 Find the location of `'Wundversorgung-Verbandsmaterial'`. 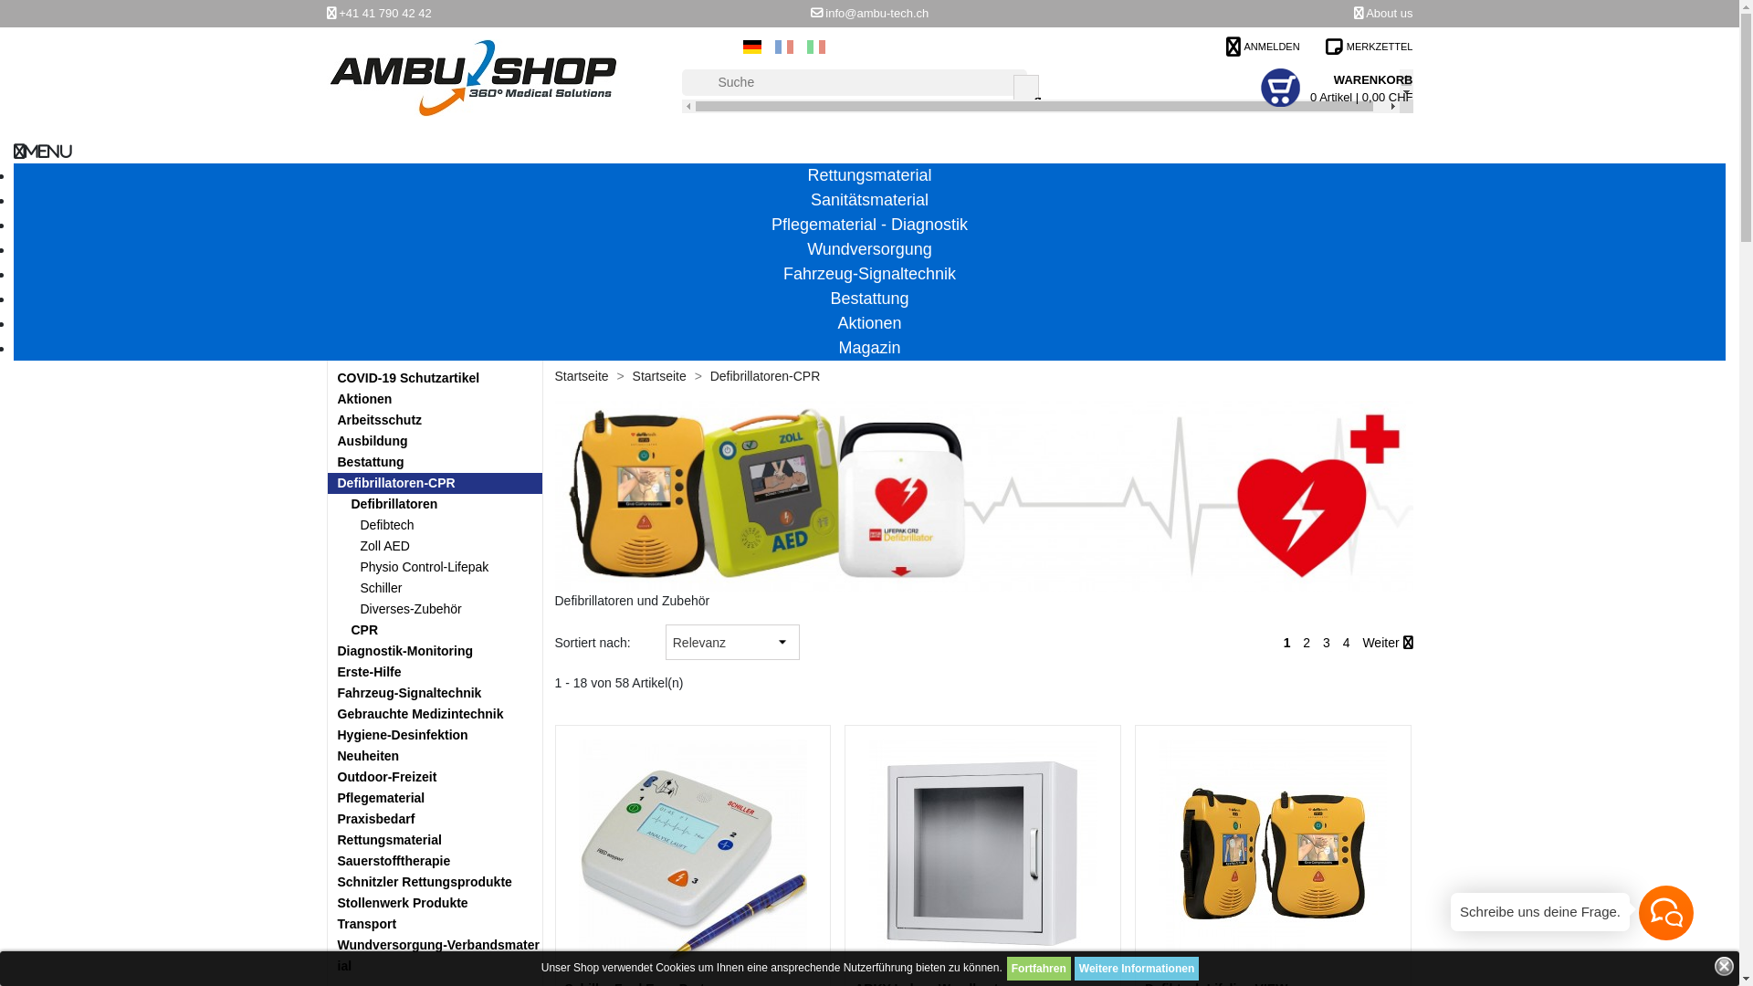

'Wundversorgung-Verbandsmaterial' is located at coordinates (327, 954).